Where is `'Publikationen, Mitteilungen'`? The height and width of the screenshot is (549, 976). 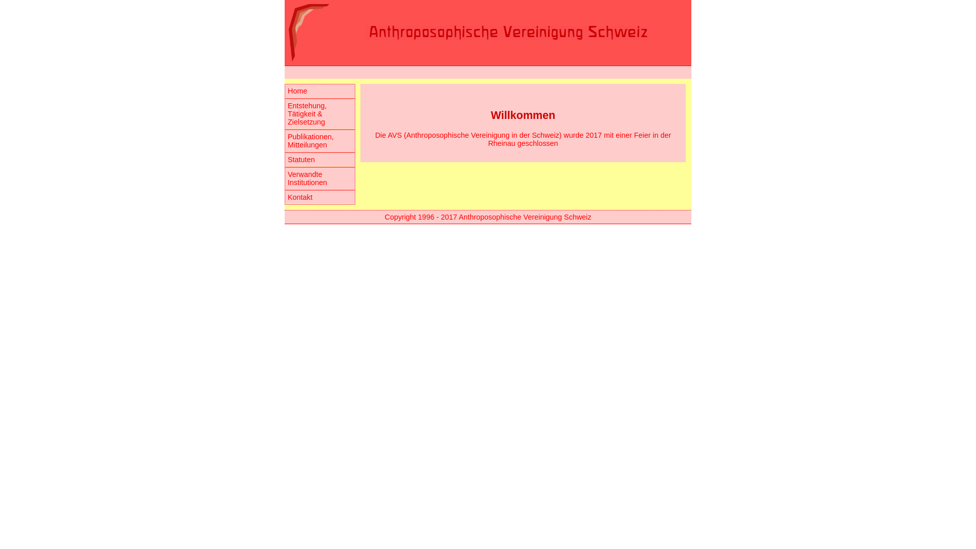 'Publikationen, Mitteilungen' is located at coordinates (285, 141).